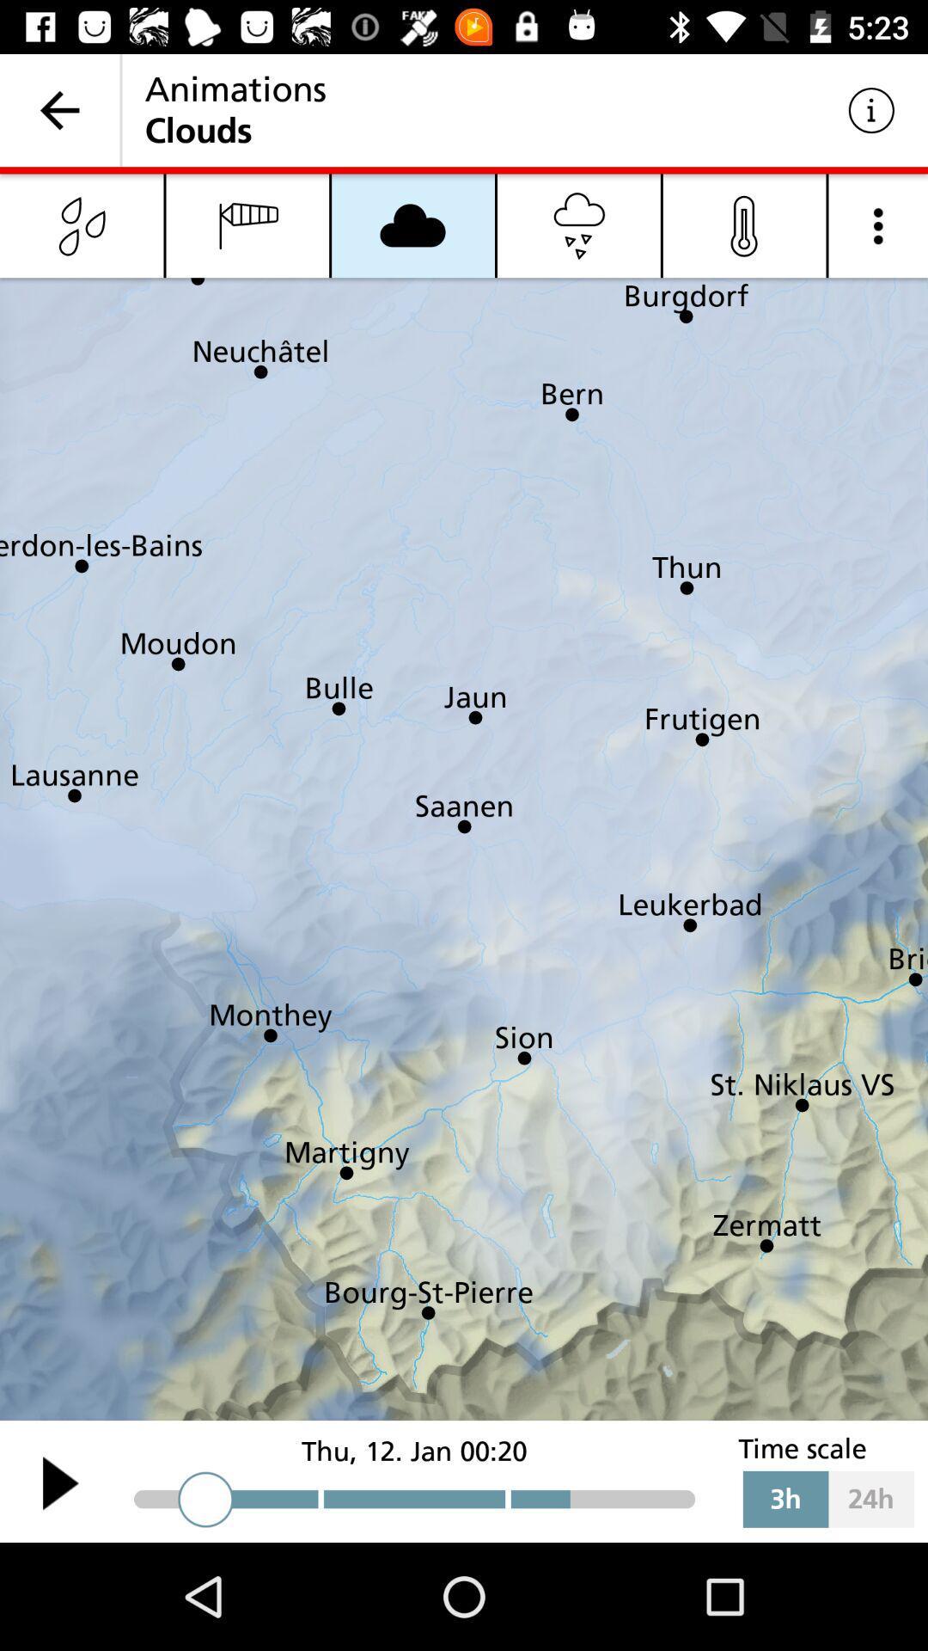 This screenshot has width=928, height=1651. Describe the element at coordinates (878, 224) in the screenshot. I see `the more icon` at that location.